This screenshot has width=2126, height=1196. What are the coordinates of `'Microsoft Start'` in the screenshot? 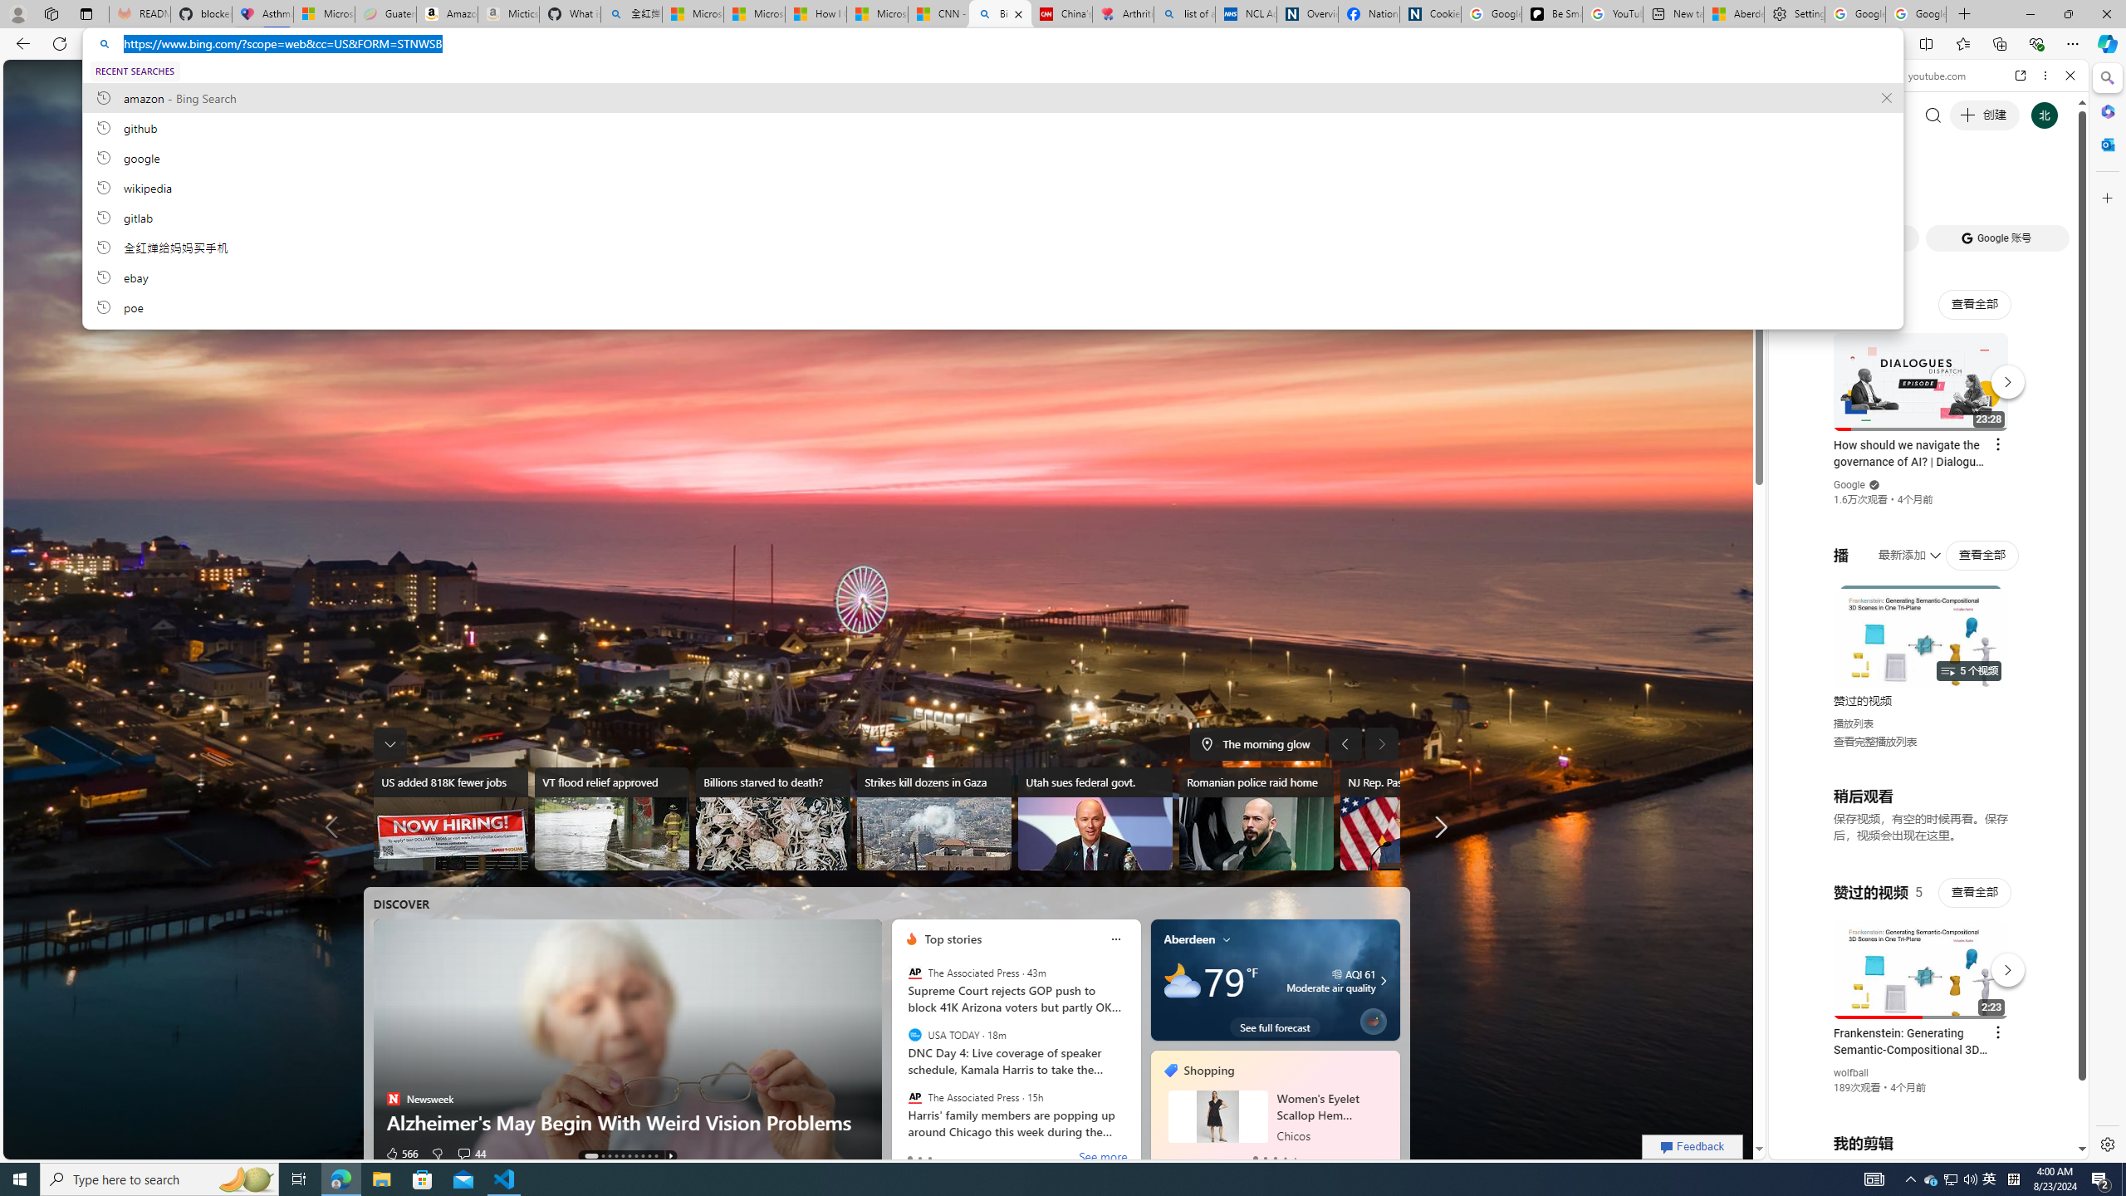 It's located at (876, 13).